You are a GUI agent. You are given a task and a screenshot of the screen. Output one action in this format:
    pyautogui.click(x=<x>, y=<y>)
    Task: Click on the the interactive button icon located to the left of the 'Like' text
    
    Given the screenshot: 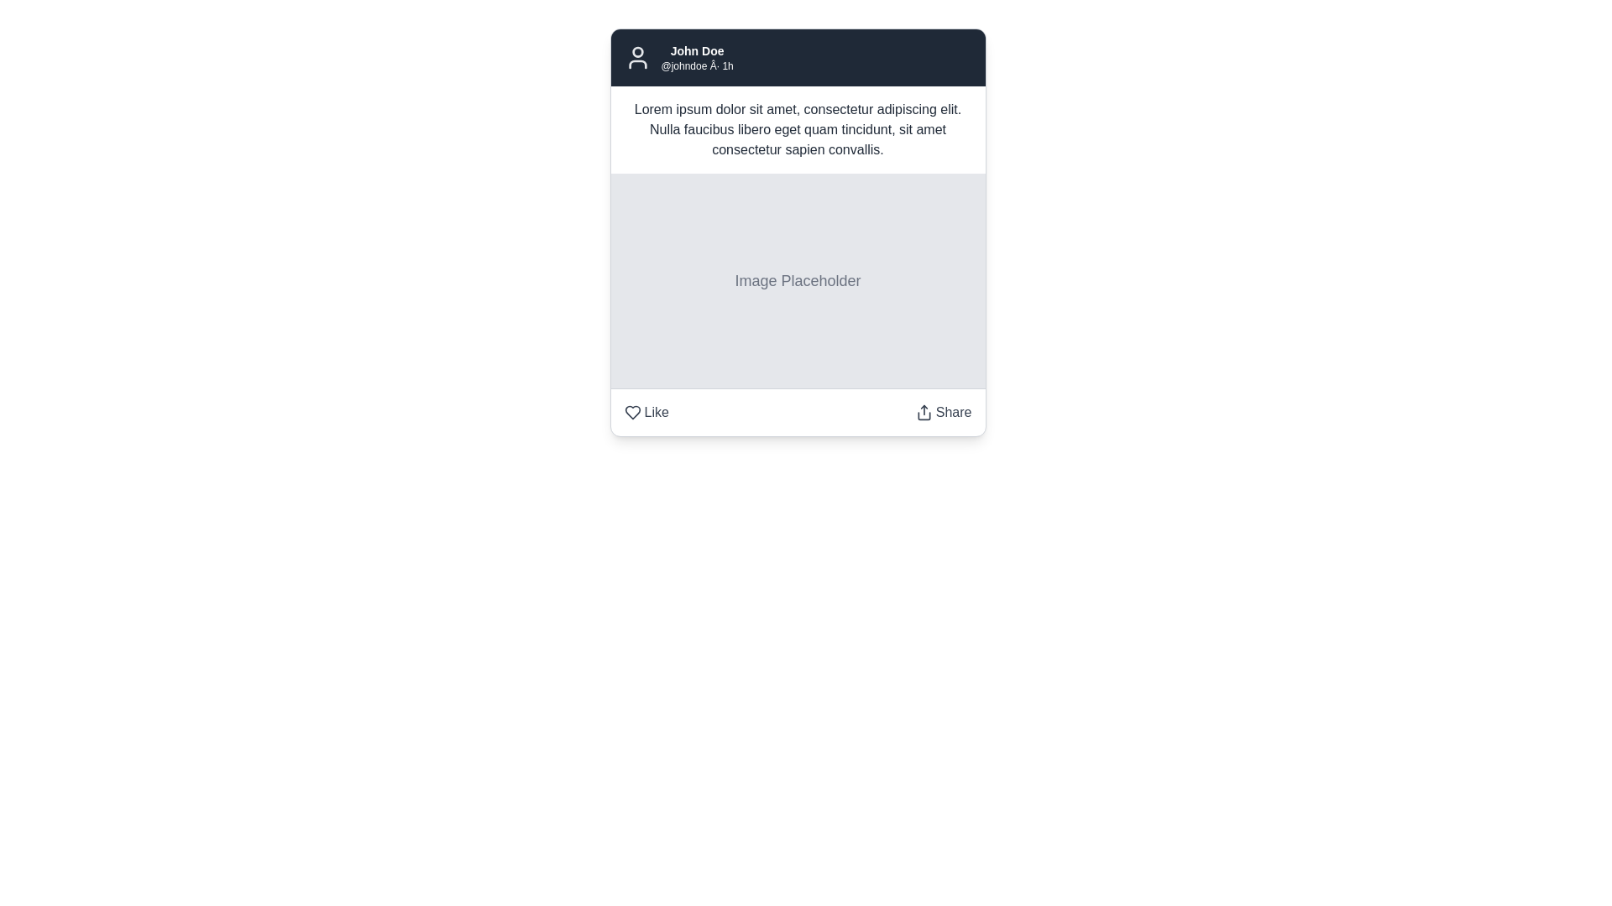 What is the action you would take?
    pyautogui.click(x=631, y=413)
    